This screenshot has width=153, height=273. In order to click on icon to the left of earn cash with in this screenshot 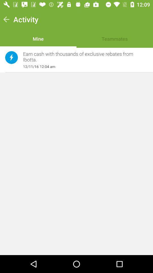, I will do `click(11, 57)`.